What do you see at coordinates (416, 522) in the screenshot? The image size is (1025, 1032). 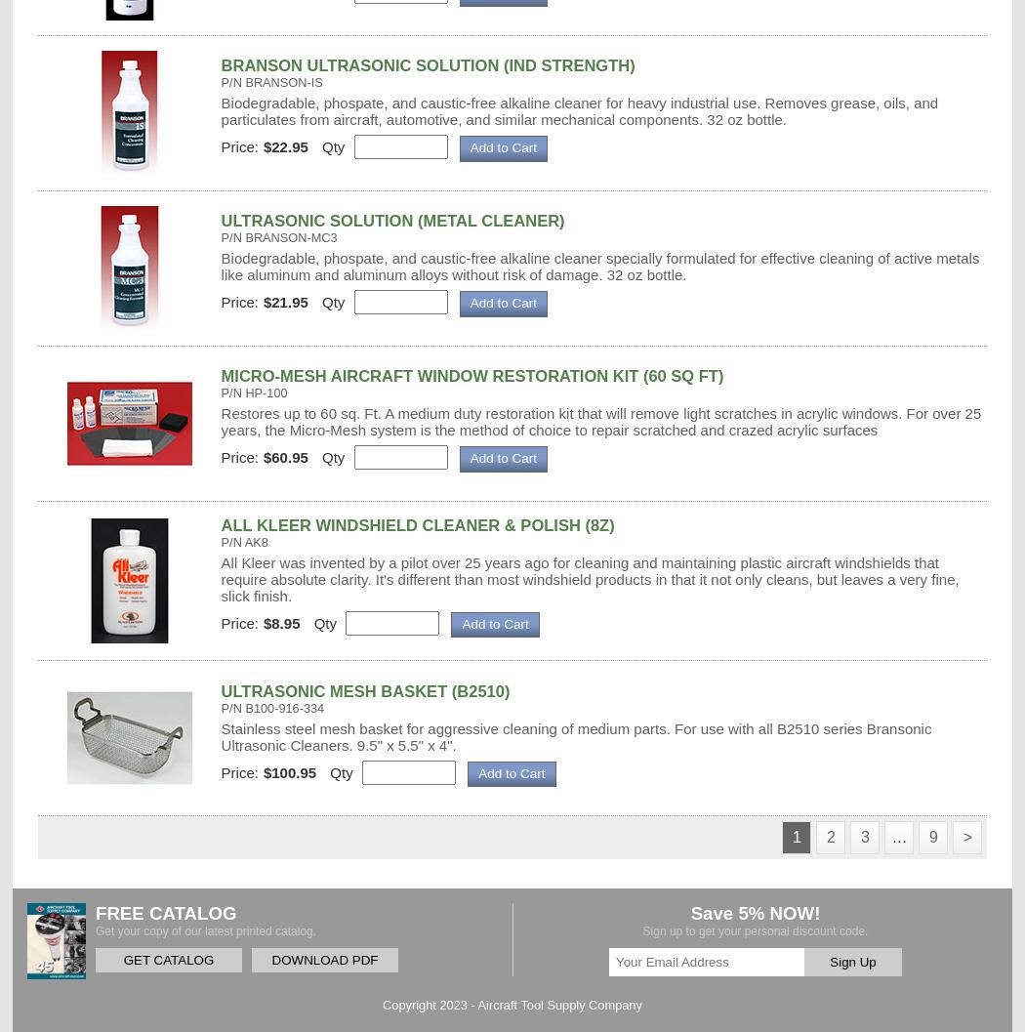 I see `'ALL KLEER WINDSHIELD CLEANER & POLISH (8Z)'` at bounding box center [416, 522].